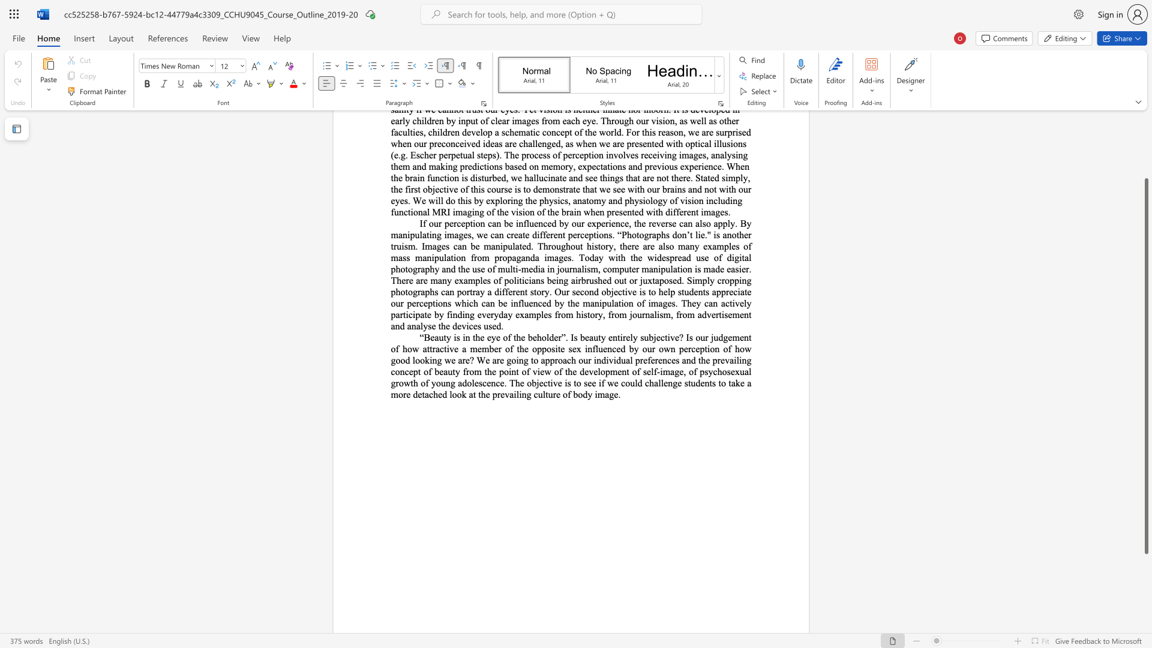 The image size is (1152, 648). I want to click on the scrollbar and move up 70 pixels, so click(1145, 365).